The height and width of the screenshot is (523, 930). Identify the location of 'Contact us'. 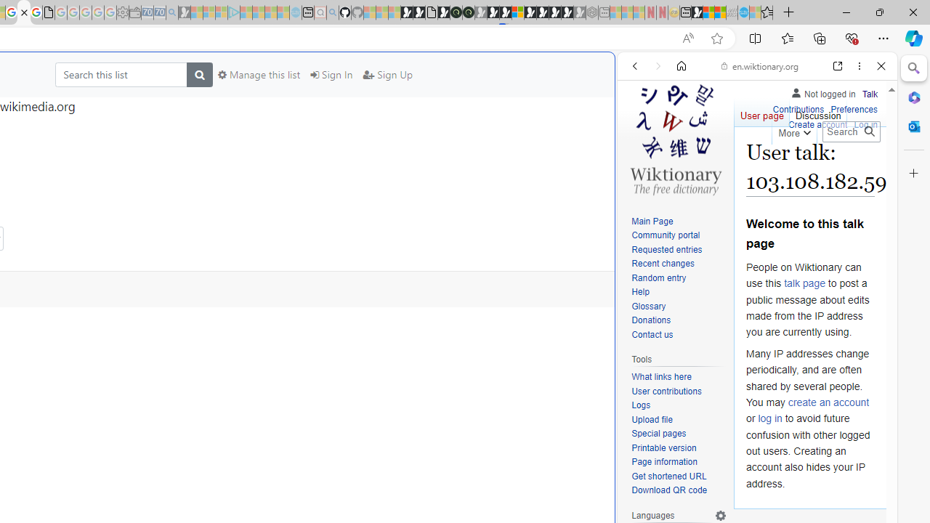
(651, 334).